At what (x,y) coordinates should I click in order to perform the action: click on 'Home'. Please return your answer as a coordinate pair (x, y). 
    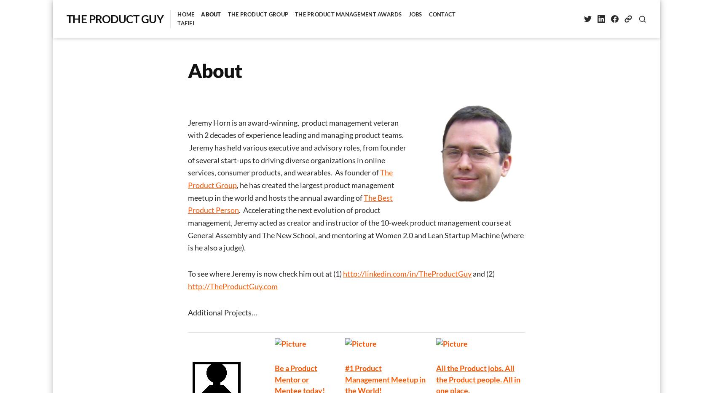
    Looking at the image, I should click on (185, 14).